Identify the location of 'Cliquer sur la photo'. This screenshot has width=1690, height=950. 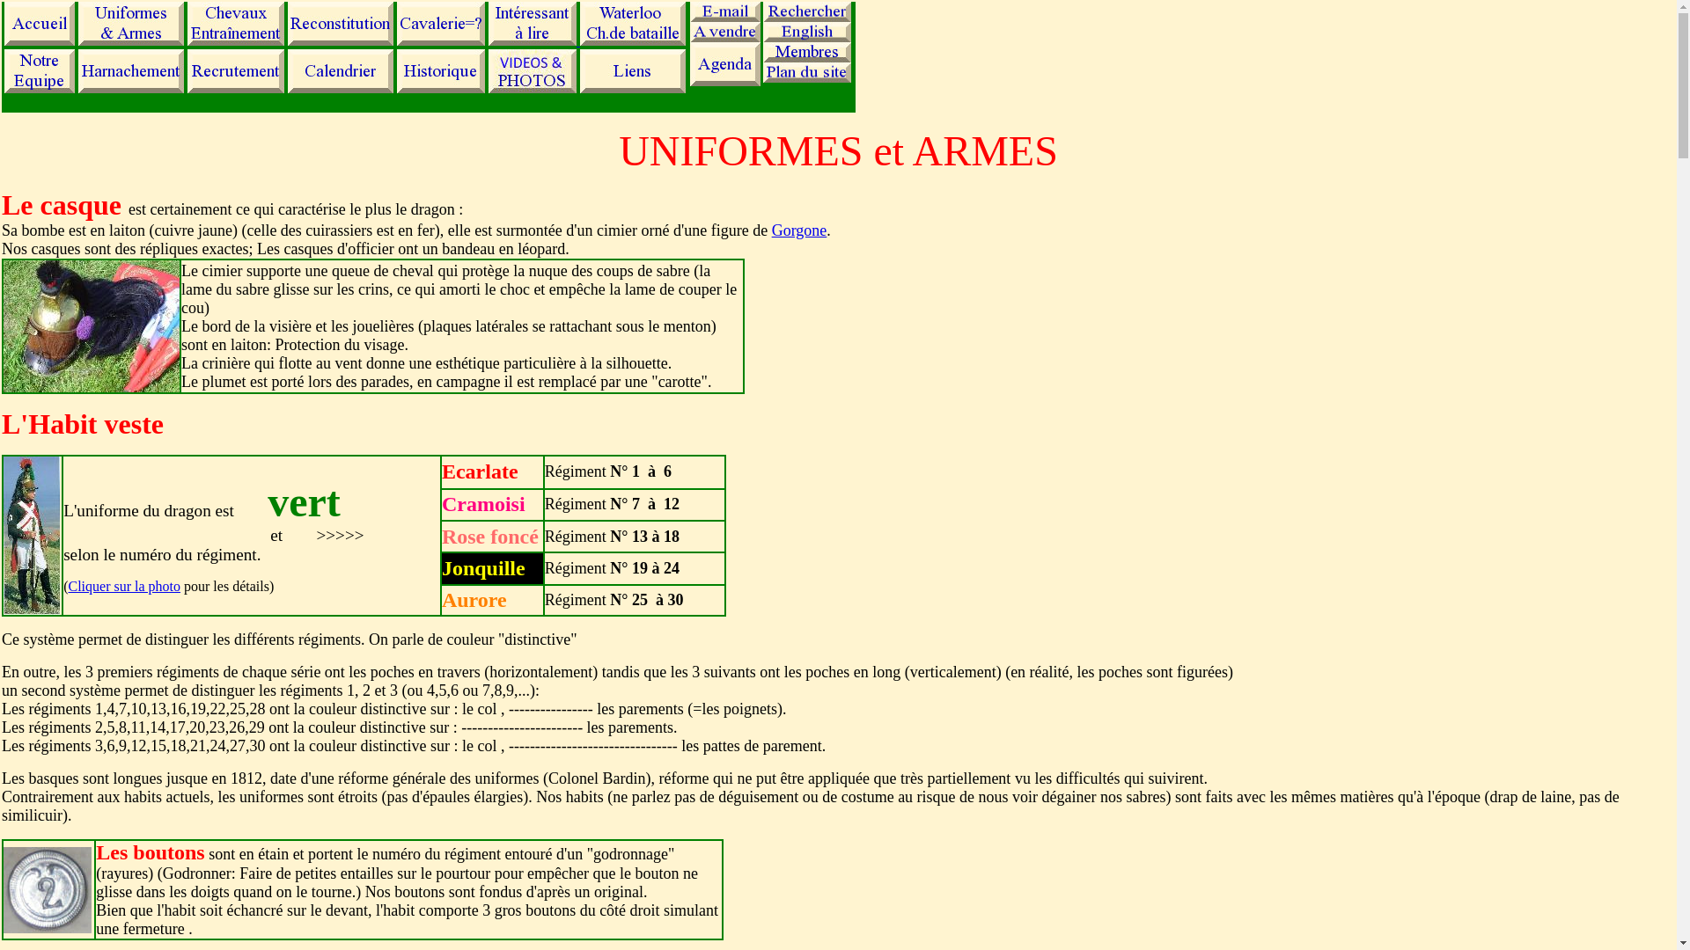
(122, 586).